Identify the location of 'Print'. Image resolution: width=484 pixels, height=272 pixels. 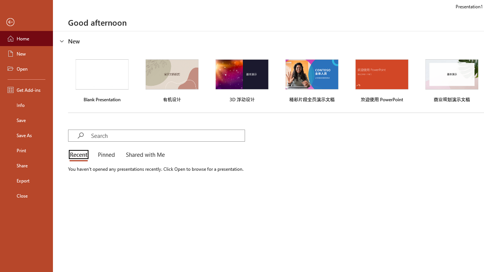
(26, 150).